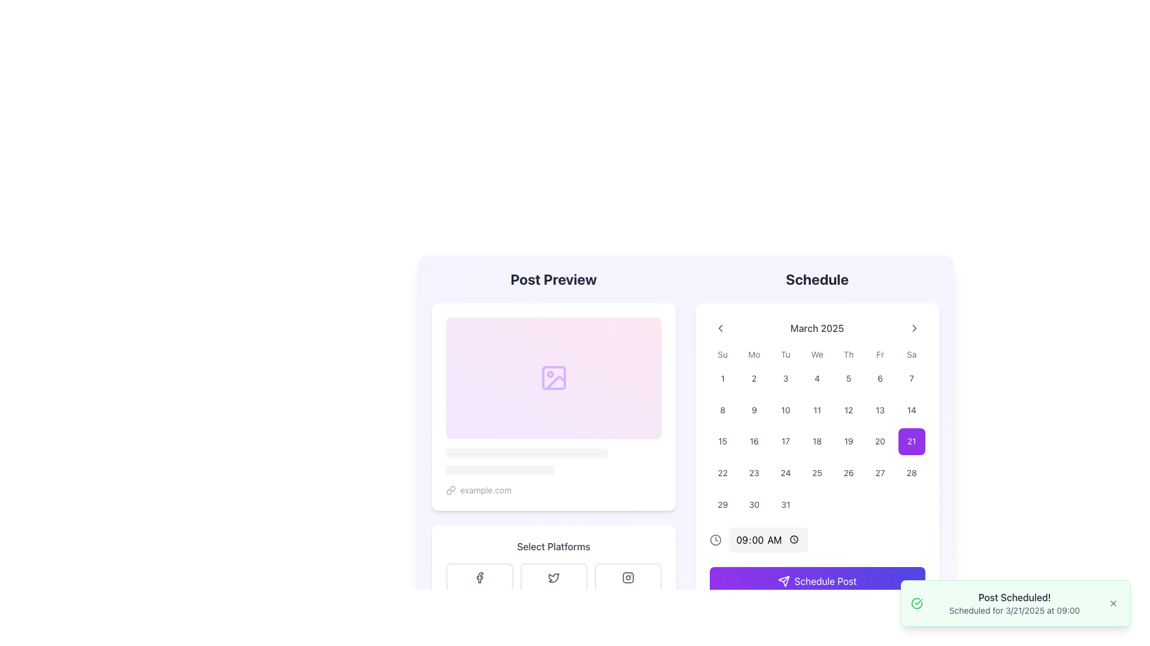  I want to click on the calendar day cell displaying the number '15', so click(722, 441).